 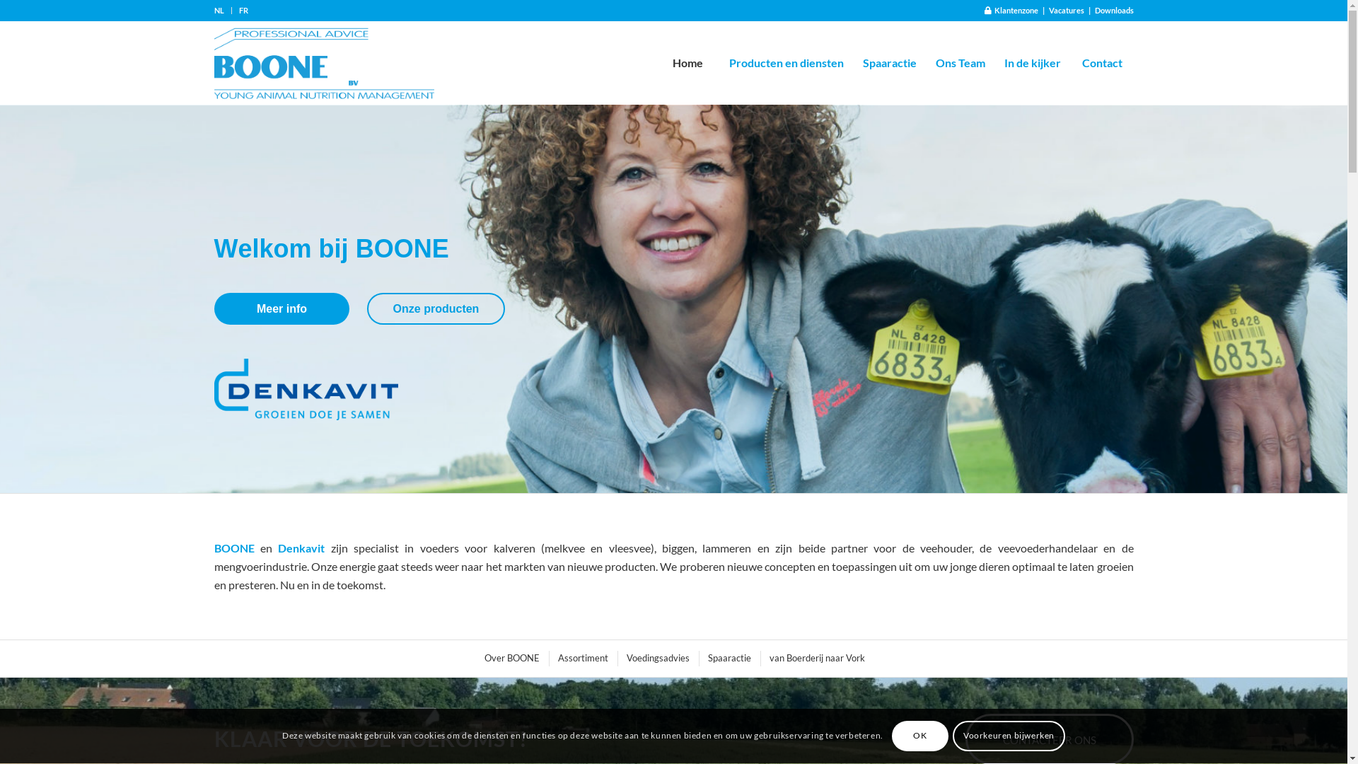 What do you see at coordinates (919, 736) in the screenshot?
I see `'OK'` at bounding box center [919, 736].